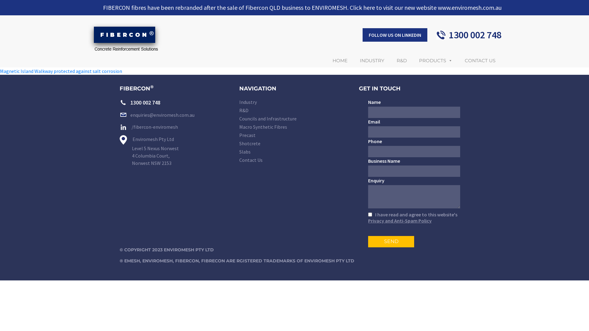 The width and height of the screenshot is (589, 331). I want to click on '/fibercon-enviromesh', so click(148, 126).